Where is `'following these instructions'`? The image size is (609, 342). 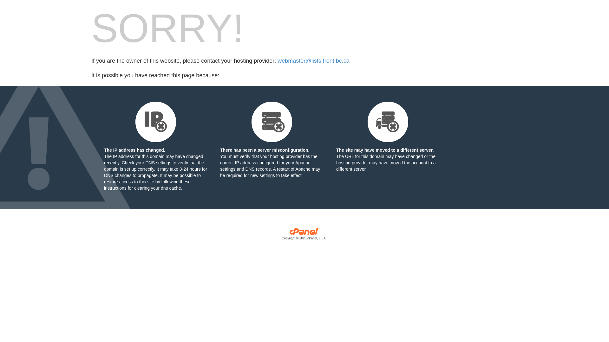 'following these instructions' is located at coordinates (147, 185).